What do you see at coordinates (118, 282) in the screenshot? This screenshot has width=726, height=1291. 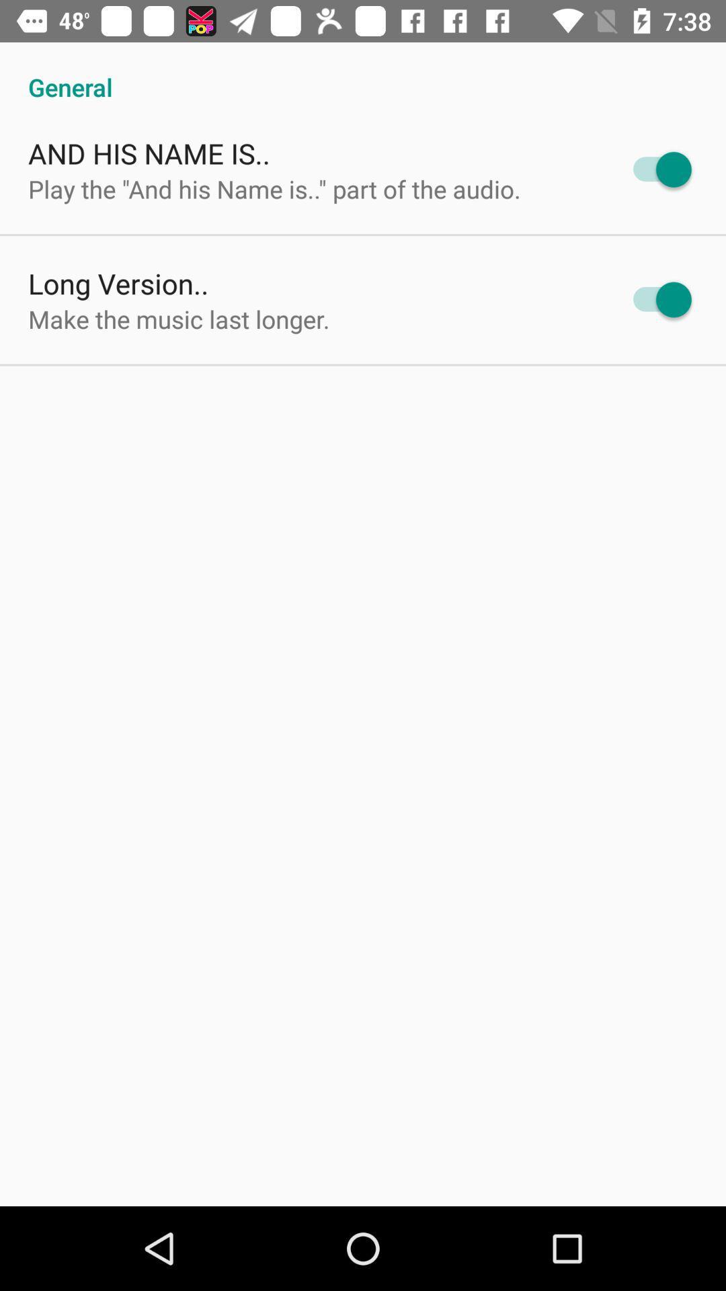 I see `the long version..` at bounding box center [118, 282].